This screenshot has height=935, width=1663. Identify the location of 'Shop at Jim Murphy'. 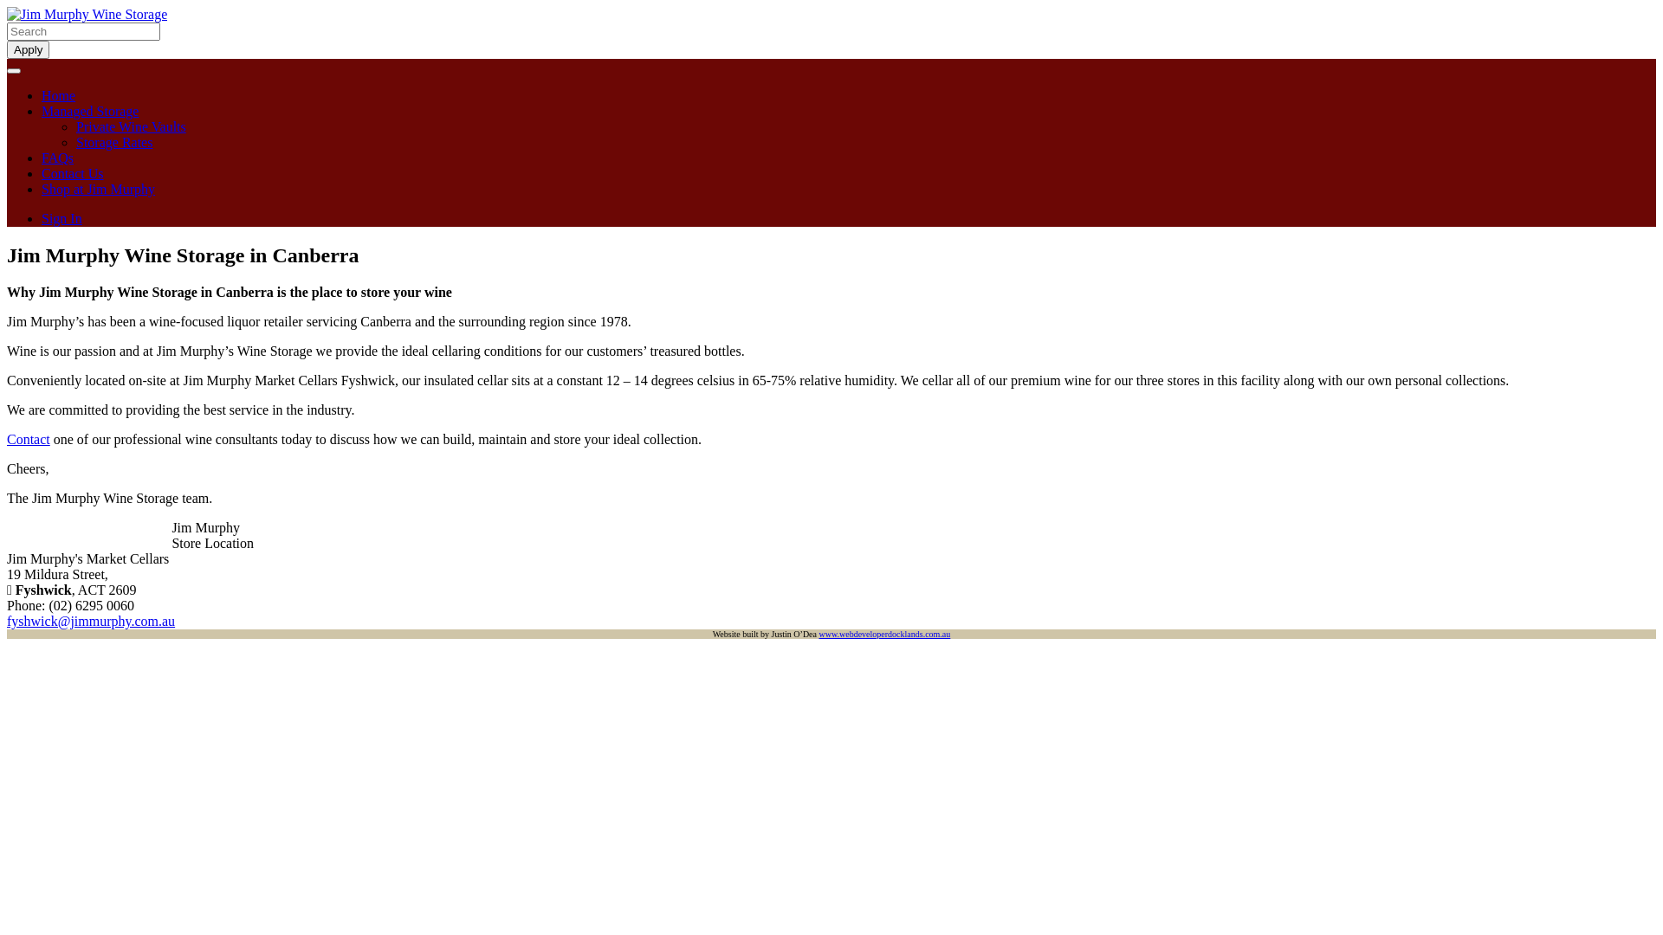
(42, 189).